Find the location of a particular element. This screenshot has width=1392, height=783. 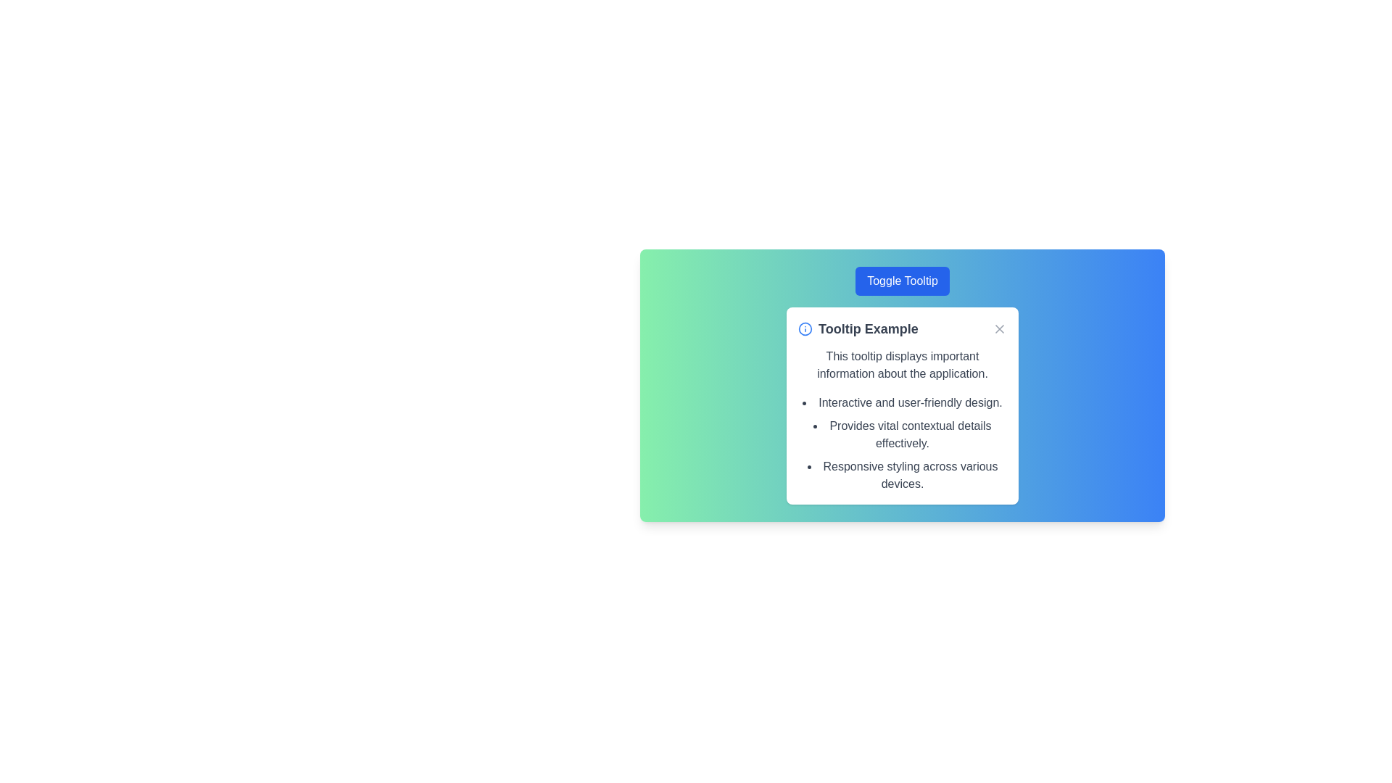

text from the header of the tooltip box which includes an icon on the left and a close button on the right is located at coordinates (901, 329).